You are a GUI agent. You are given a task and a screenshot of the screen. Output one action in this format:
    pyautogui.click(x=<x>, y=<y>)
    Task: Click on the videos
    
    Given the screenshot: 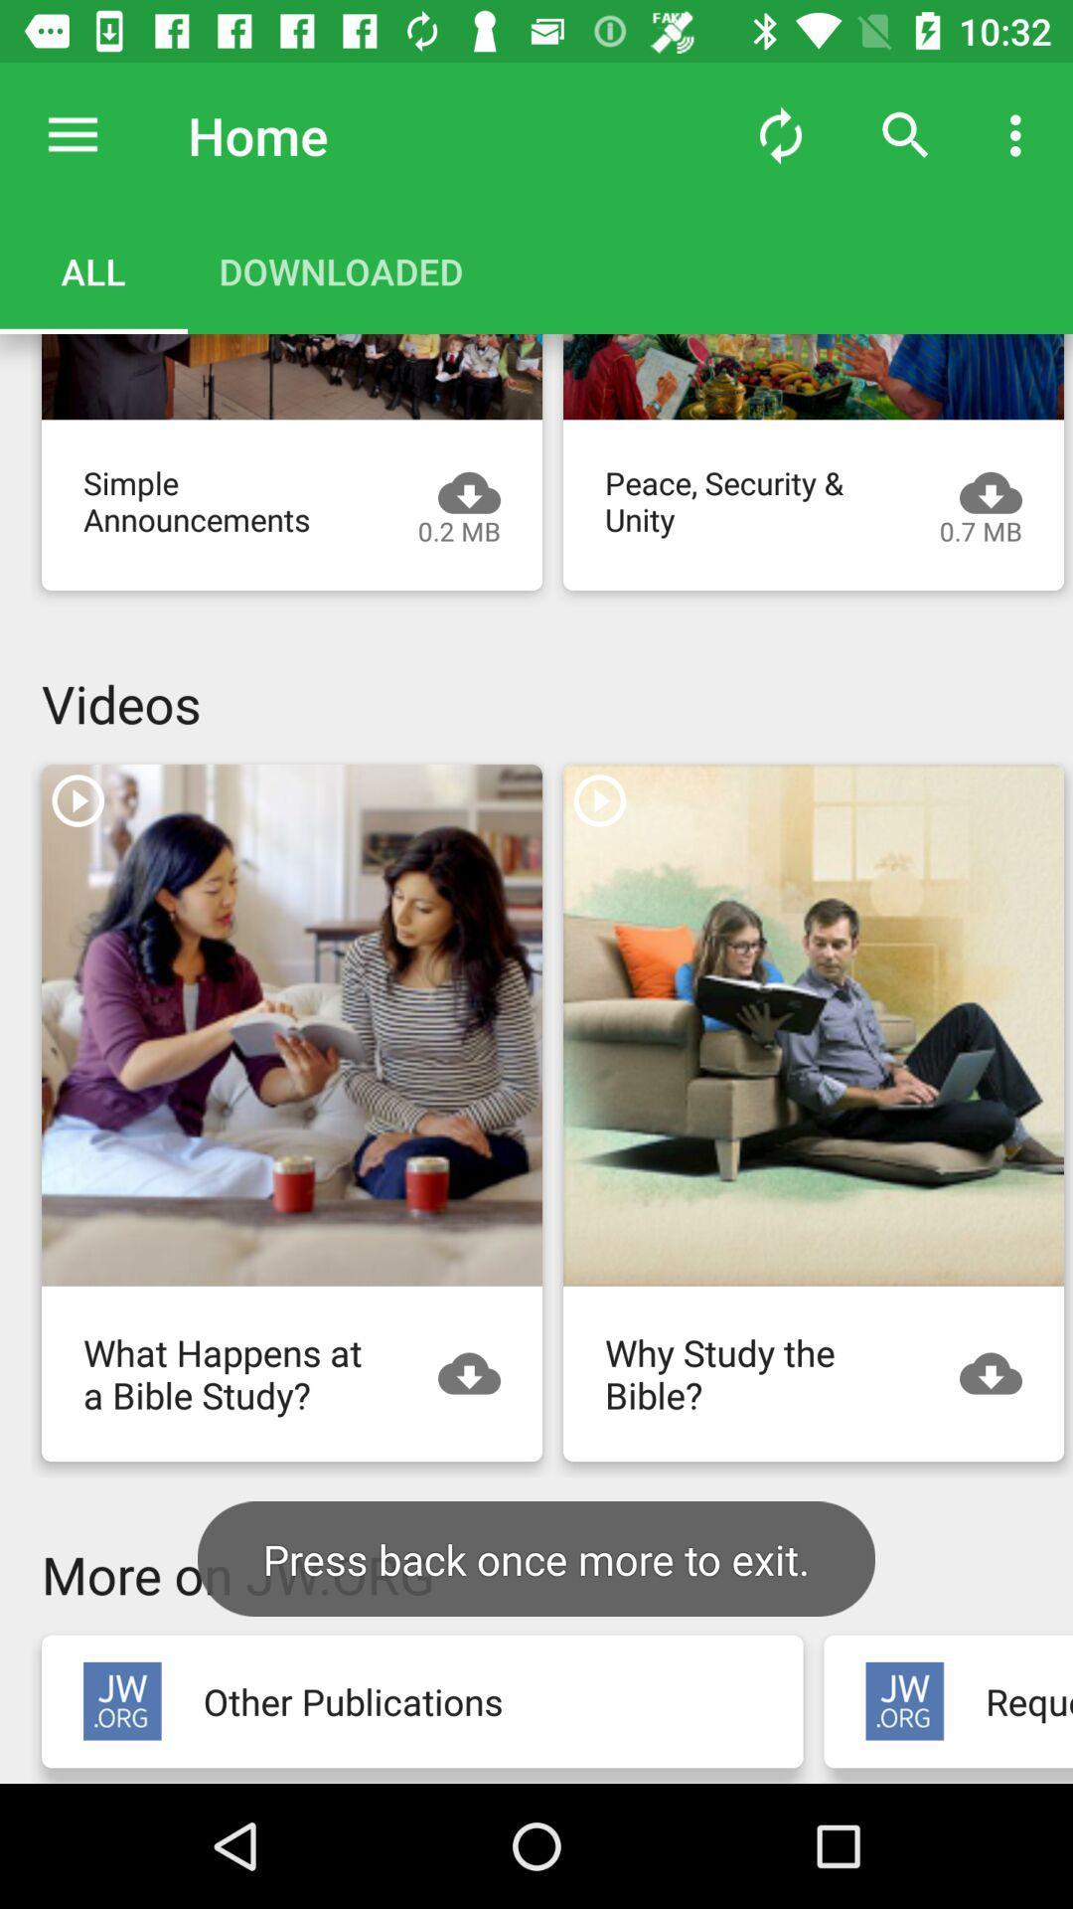 What is the action you would take?
    pyautogui.click(x=813, y=1025)
    